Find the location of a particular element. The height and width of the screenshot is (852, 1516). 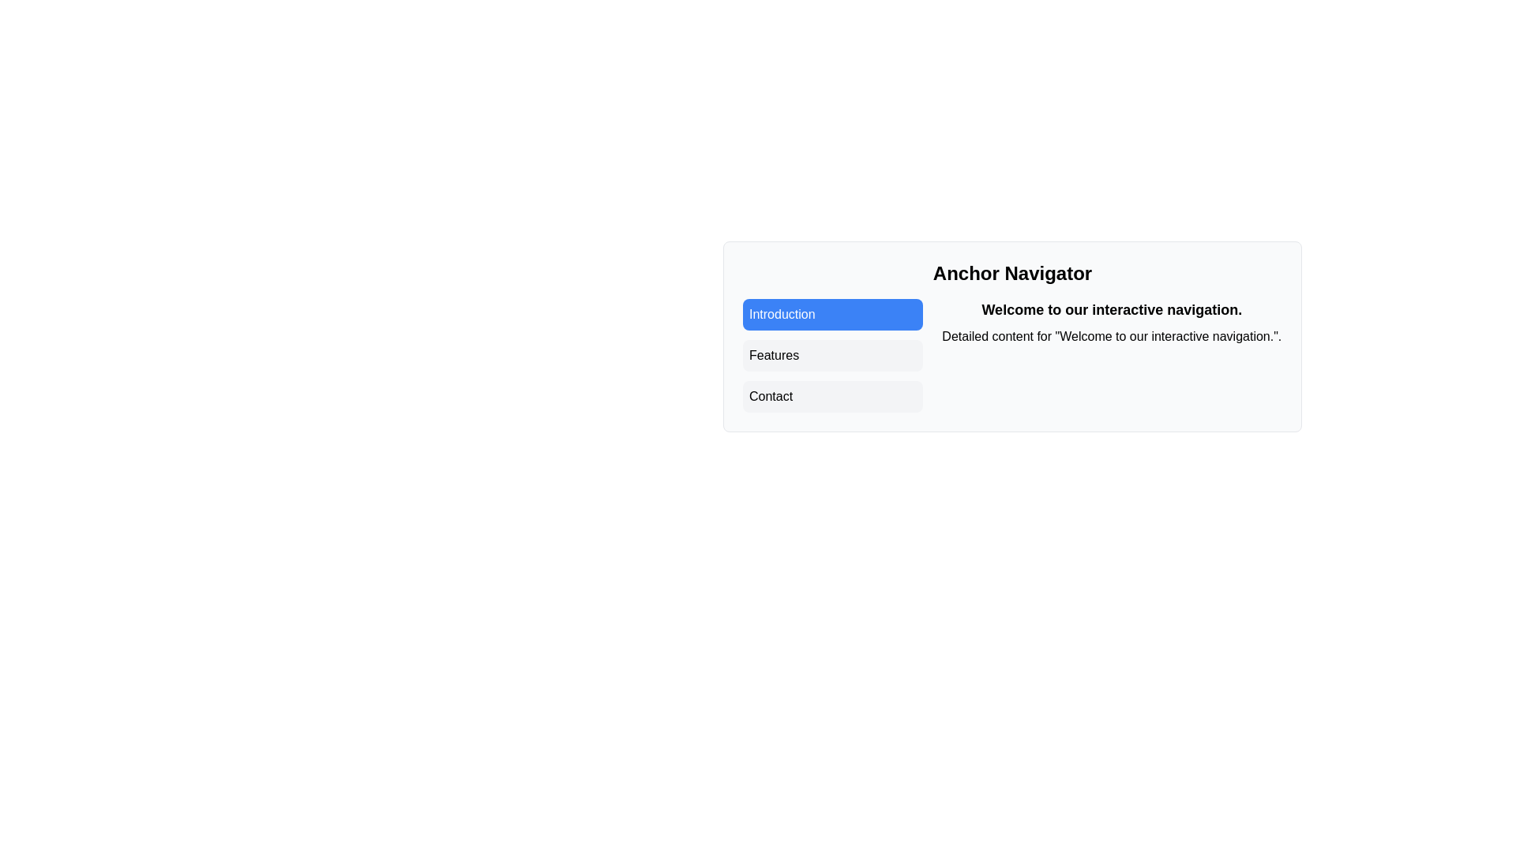

text 'Detailed content for "Welcome to our interactive navigation."' displayed below the heading 'Welcome to our interactive navigation.' in the central content area of the 'Anchor Navigator' section is located at coordinates (1111, 336).